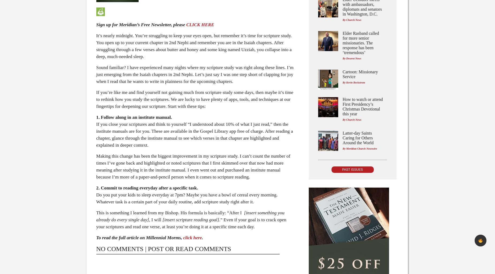  Describe the element at coordinates (342, 138) in the screenshot. I see `'Latter-day Saints Caring for Others Around the World'` at that location.